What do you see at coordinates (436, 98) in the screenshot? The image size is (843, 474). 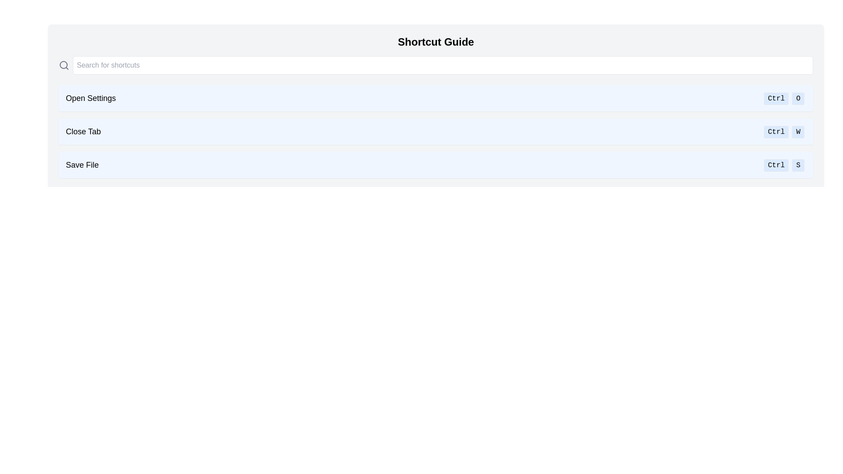 I see `the Informative bar in the shortcut panel that indicates 'Open Settings' can be triggered by 'Ctrl O'` at bounding box center [436, 98].